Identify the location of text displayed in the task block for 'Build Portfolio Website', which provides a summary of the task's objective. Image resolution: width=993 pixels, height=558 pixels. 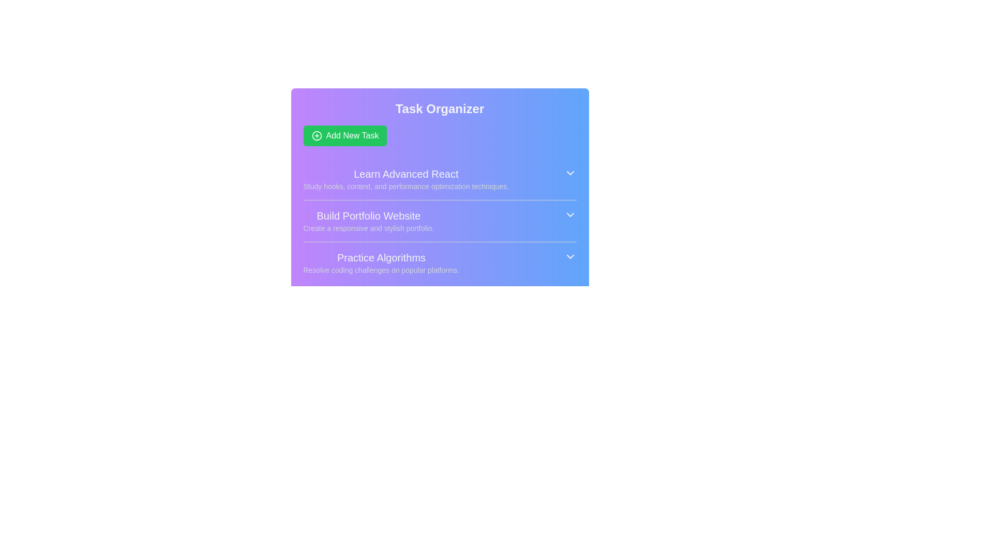
(368, 221).